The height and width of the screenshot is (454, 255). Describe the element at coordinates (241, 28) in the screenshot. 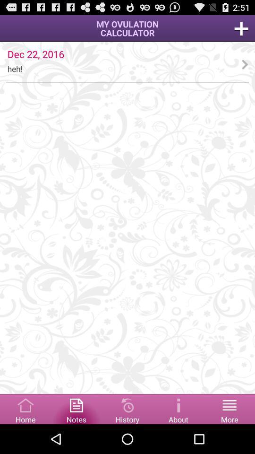

I see `option` at that location.